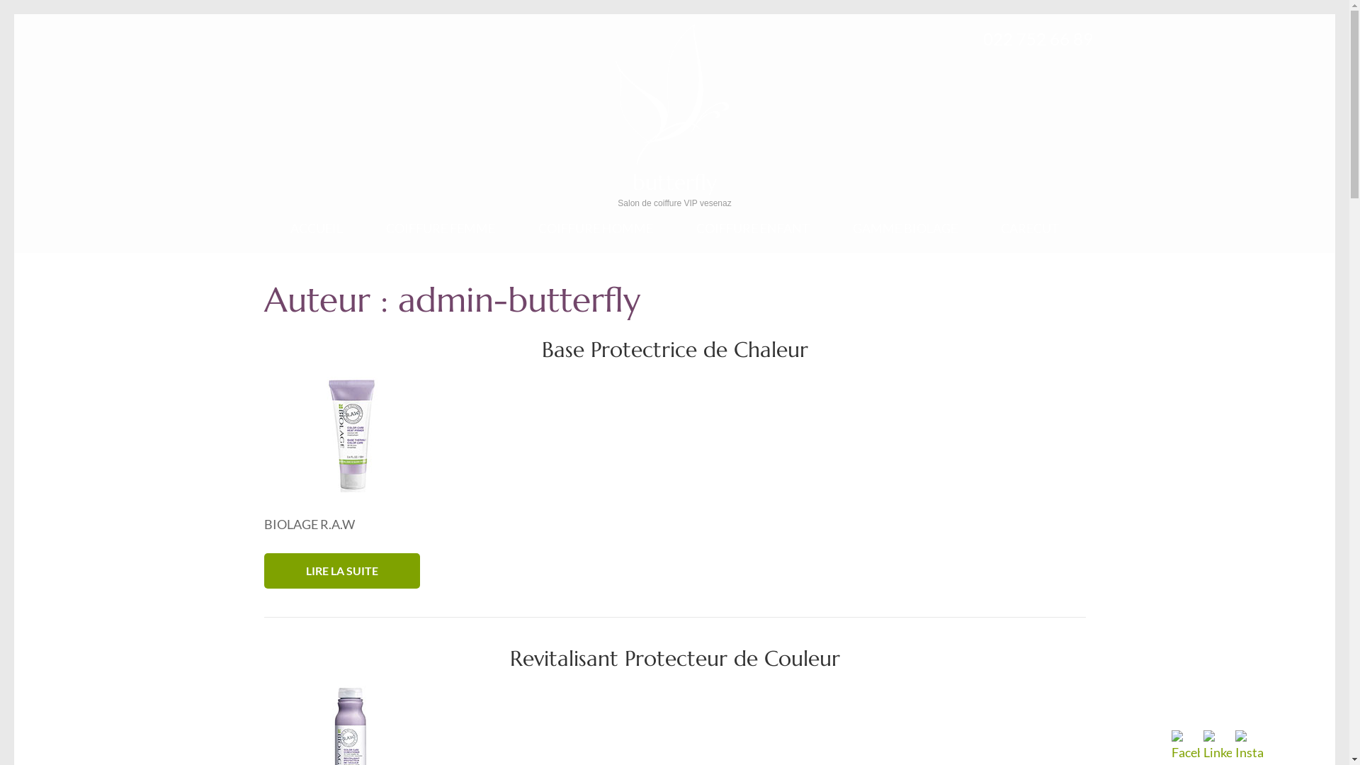 The height and width of the screenshot is (765, 1360). Describe the element at coordinates (1216, 745) in the screenshot. I see `'LinkedIn'` at that location.